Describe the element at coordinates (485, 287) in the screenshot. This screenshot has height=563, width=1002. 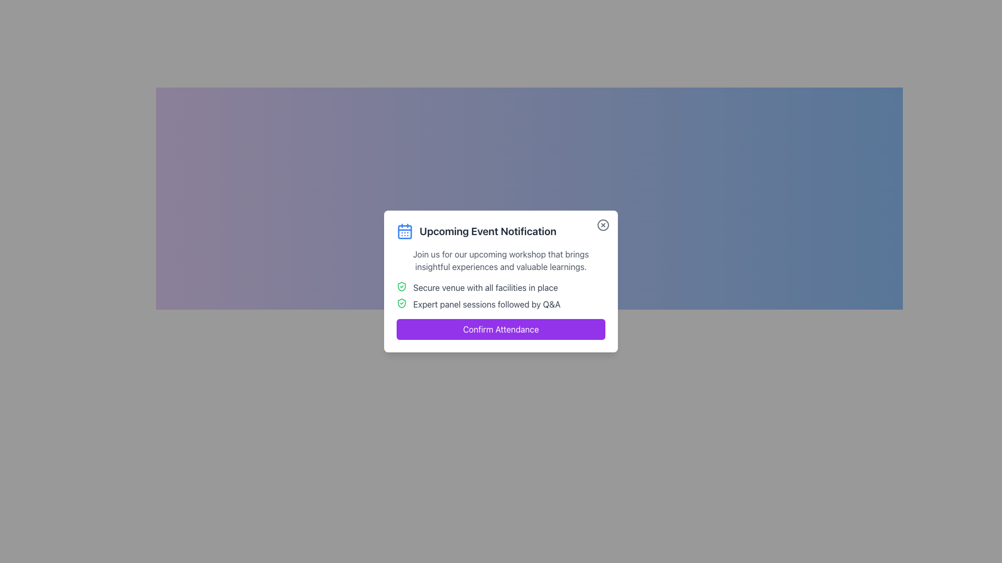
I see `the text element reading 'Secure venue with all facilities in place' located in the lower part of a notification message box, aligned to the left of a green shield icon` at that location.